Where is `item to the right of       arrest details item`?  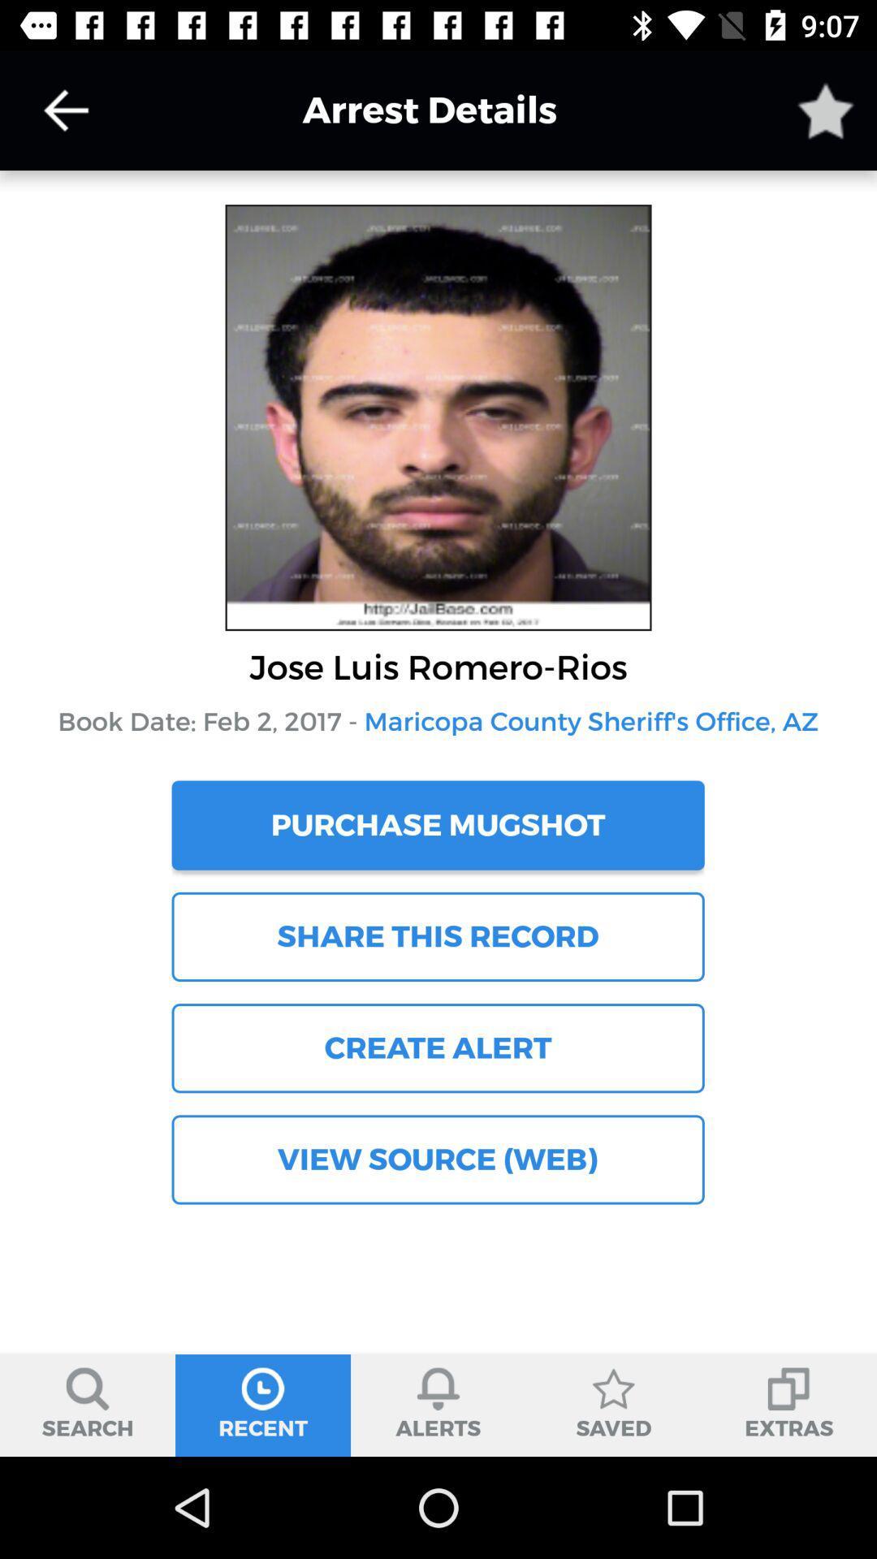 item to the right of       arrest details item is located at coordinates (826, 110).